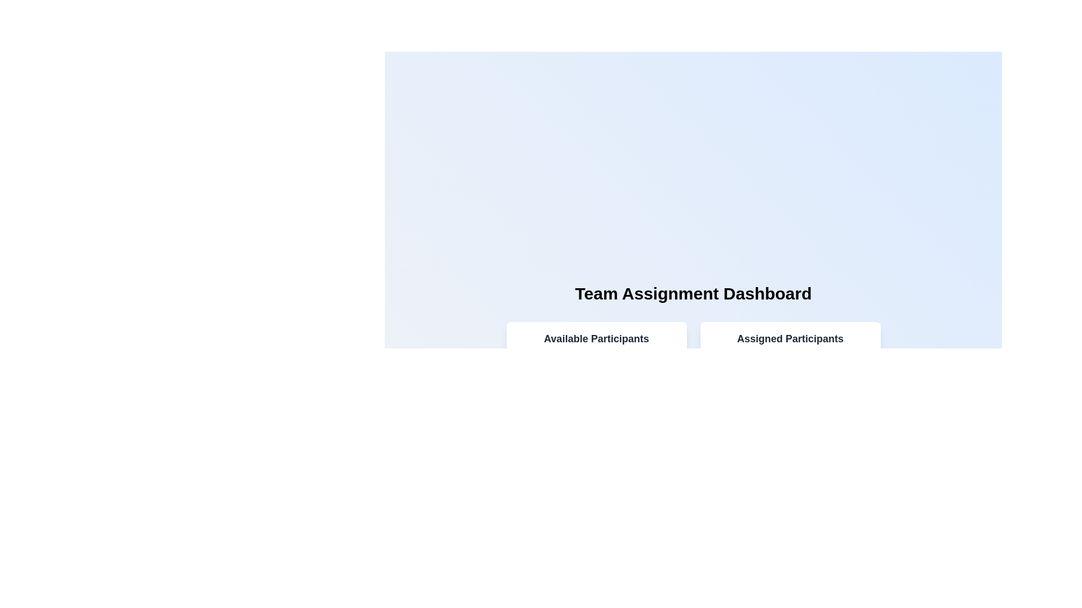  I want to click on the text label that serves as a heading for the section related to participants assigned to a team or task, so click(790, 338).